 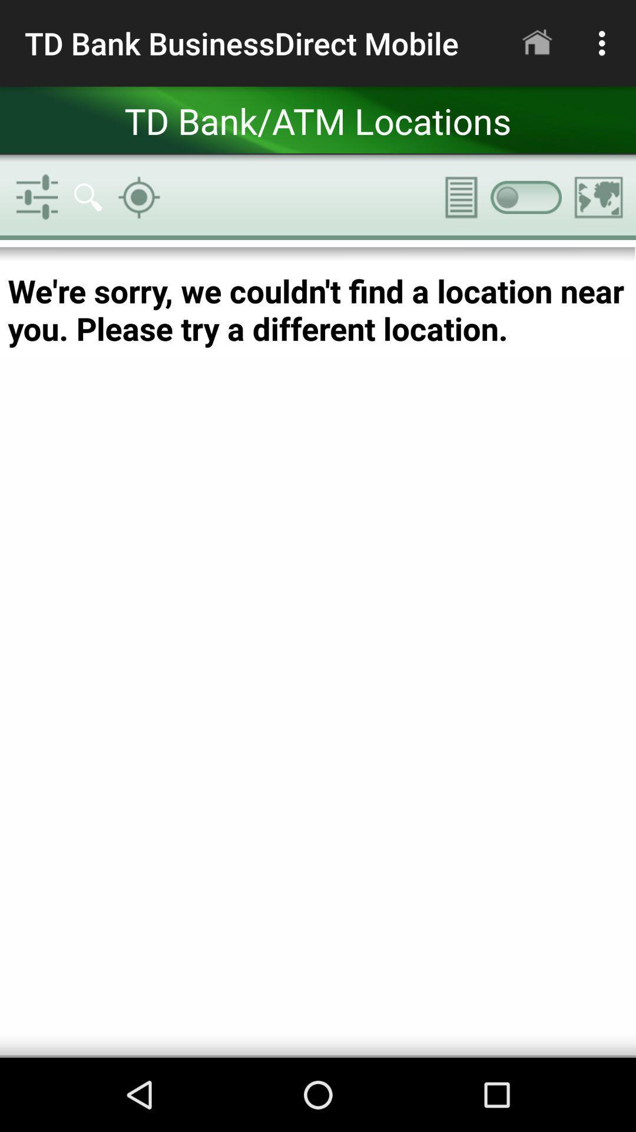 What do you see at coordinates (453, 197) in the screenshot?
I see `the description icon` at bounding box center [453, 197].